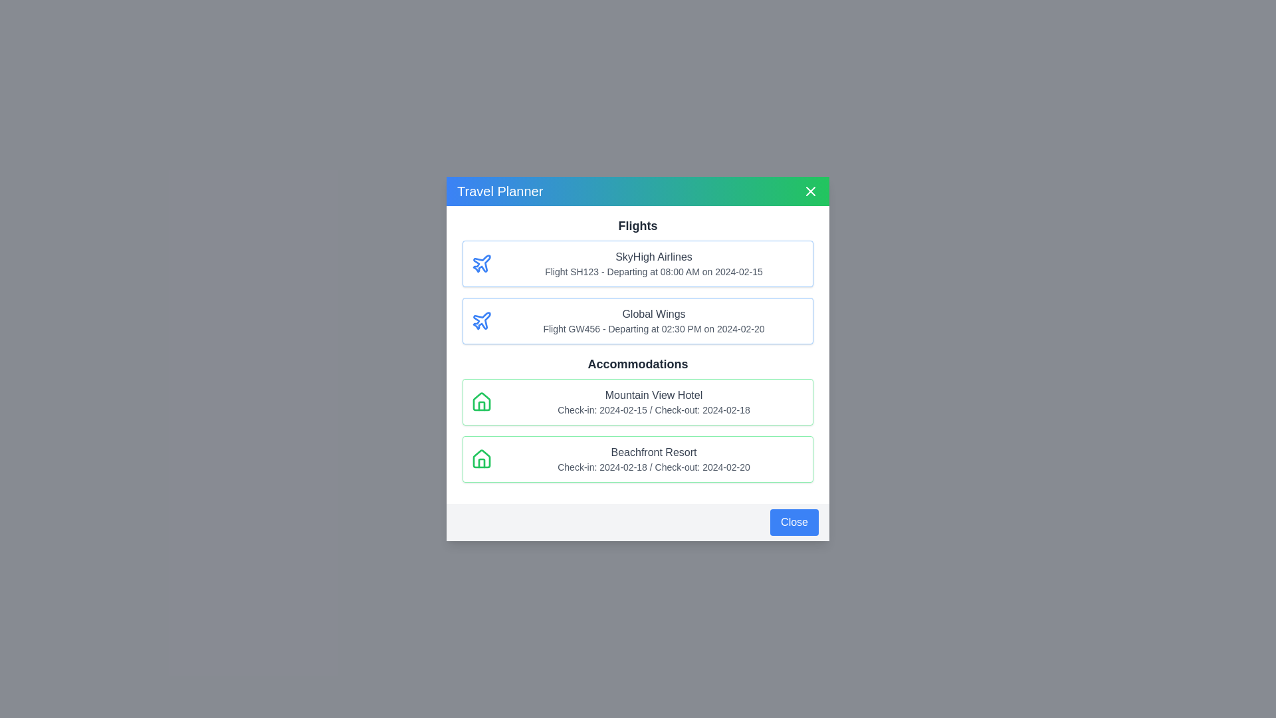 The width and height of the screenshot is (1276, 718). Describe the element at coordinates (480, 458) in the screenshot. I see `the green house icon in the travel planner interface, which is positioned to the left of the text 'Beachfront Resort' and the check-in and check-out dates` at that location.